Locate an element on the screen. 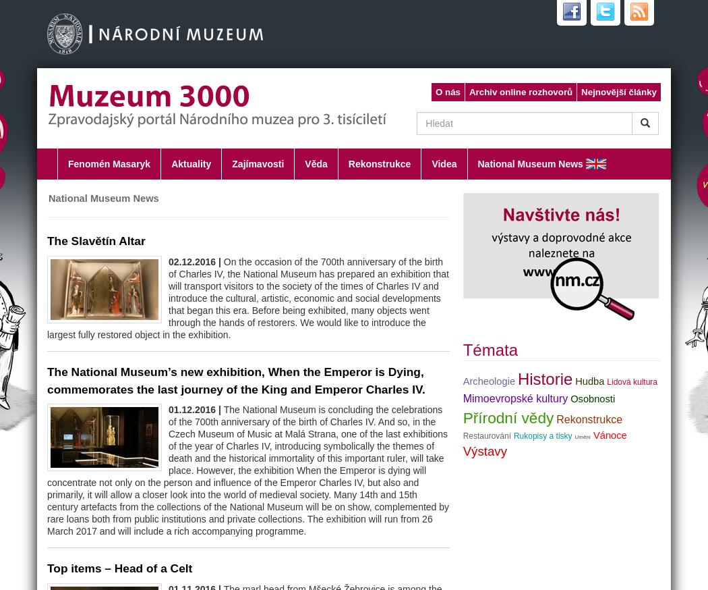  'Témata' is located at coordinates (490, 350).